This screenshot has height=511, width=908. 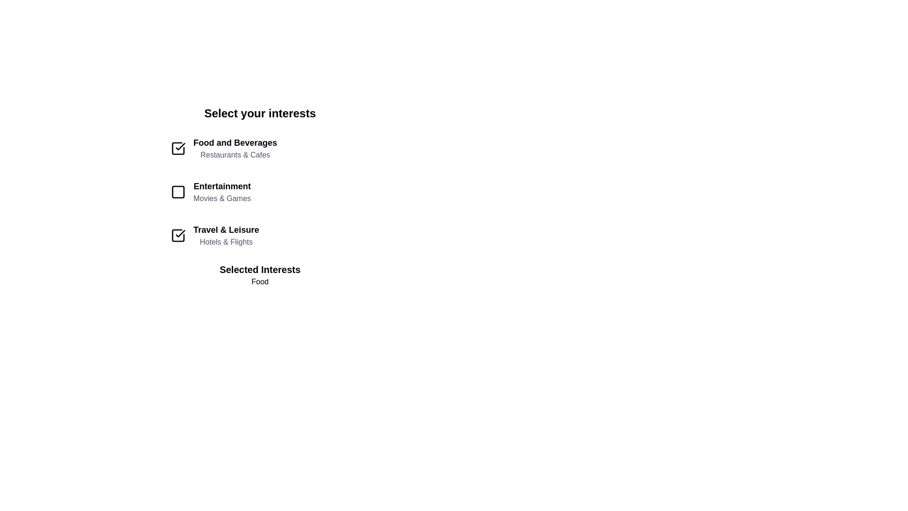 I want to click on the item Food, so click(x=260, y=148).